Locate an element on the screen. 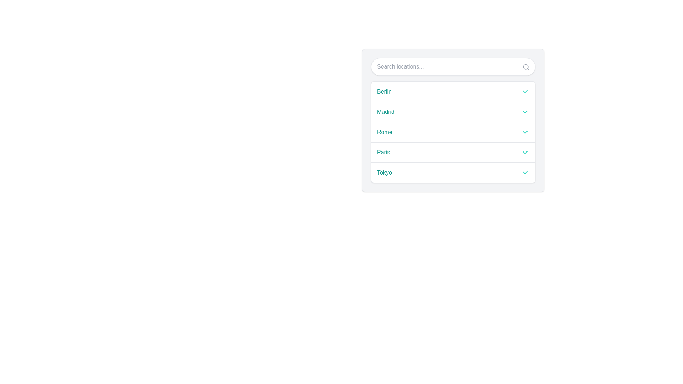  the teal downward-pointing chevron icon next to the text 'Berlin' in the first row of the vertically stacked list is located at coordinates (525, 91).